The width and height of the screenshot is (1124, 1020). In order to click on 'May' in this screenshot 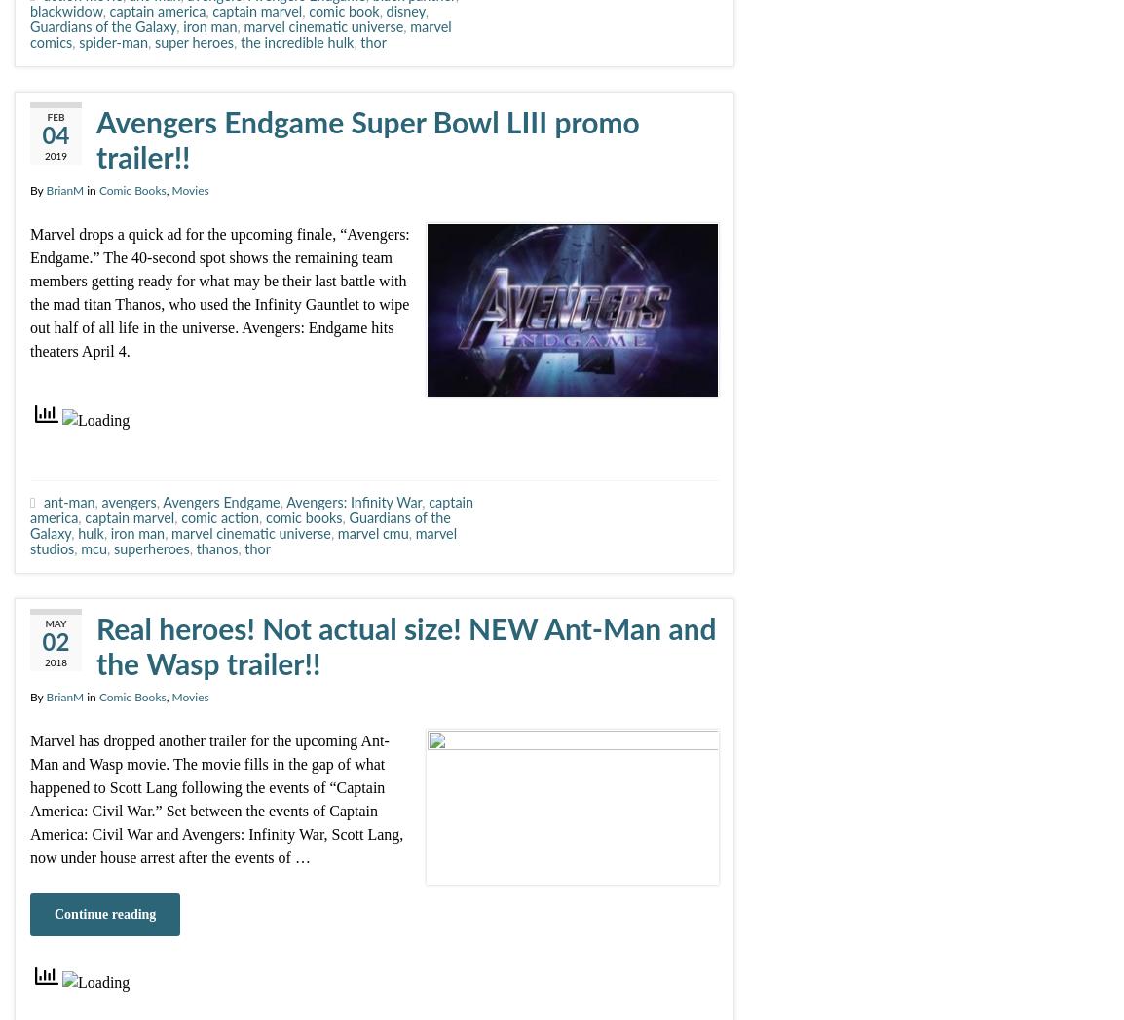, I will do `click(55, 623)`.